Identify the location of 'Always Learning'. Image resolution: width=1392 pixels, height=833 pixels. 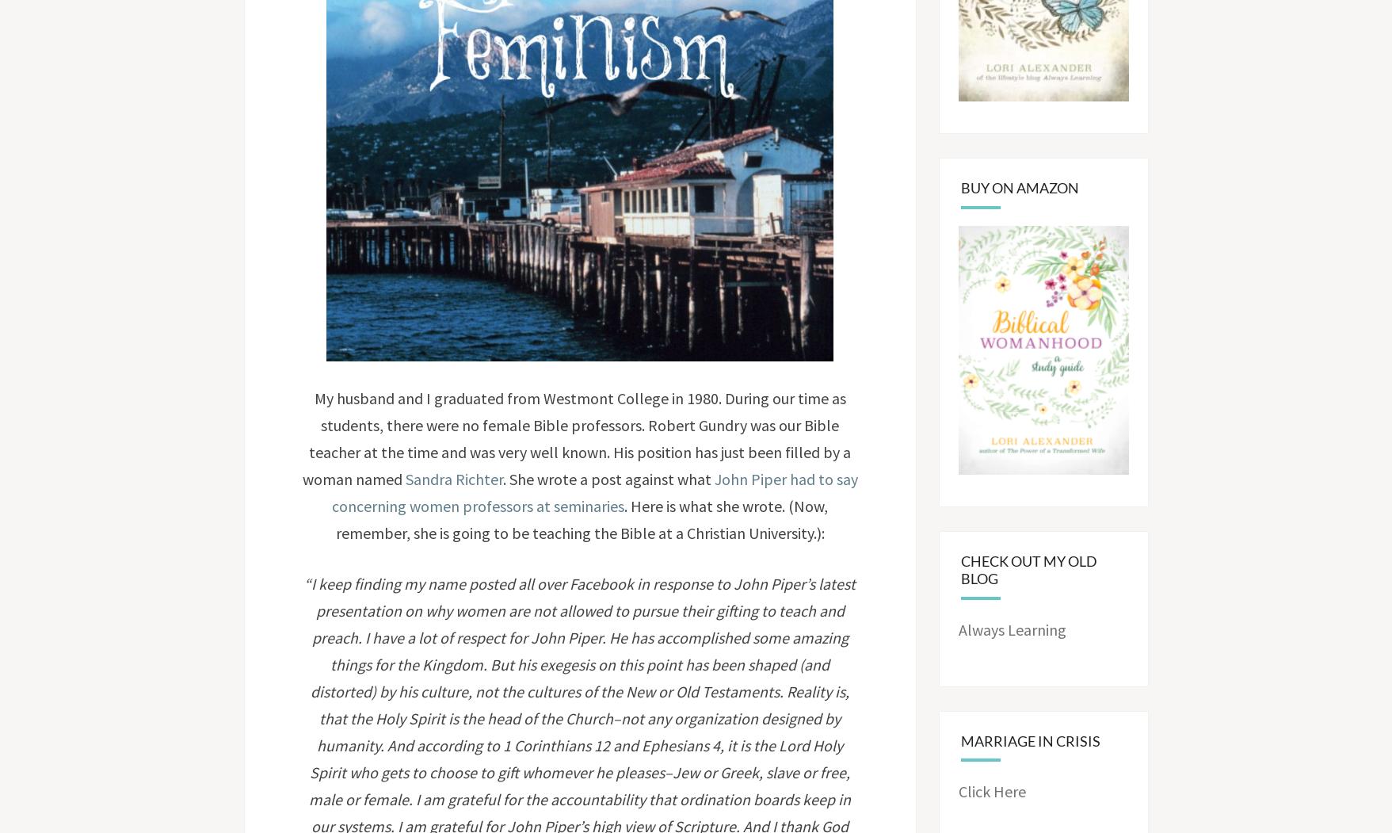
(1013, 628).